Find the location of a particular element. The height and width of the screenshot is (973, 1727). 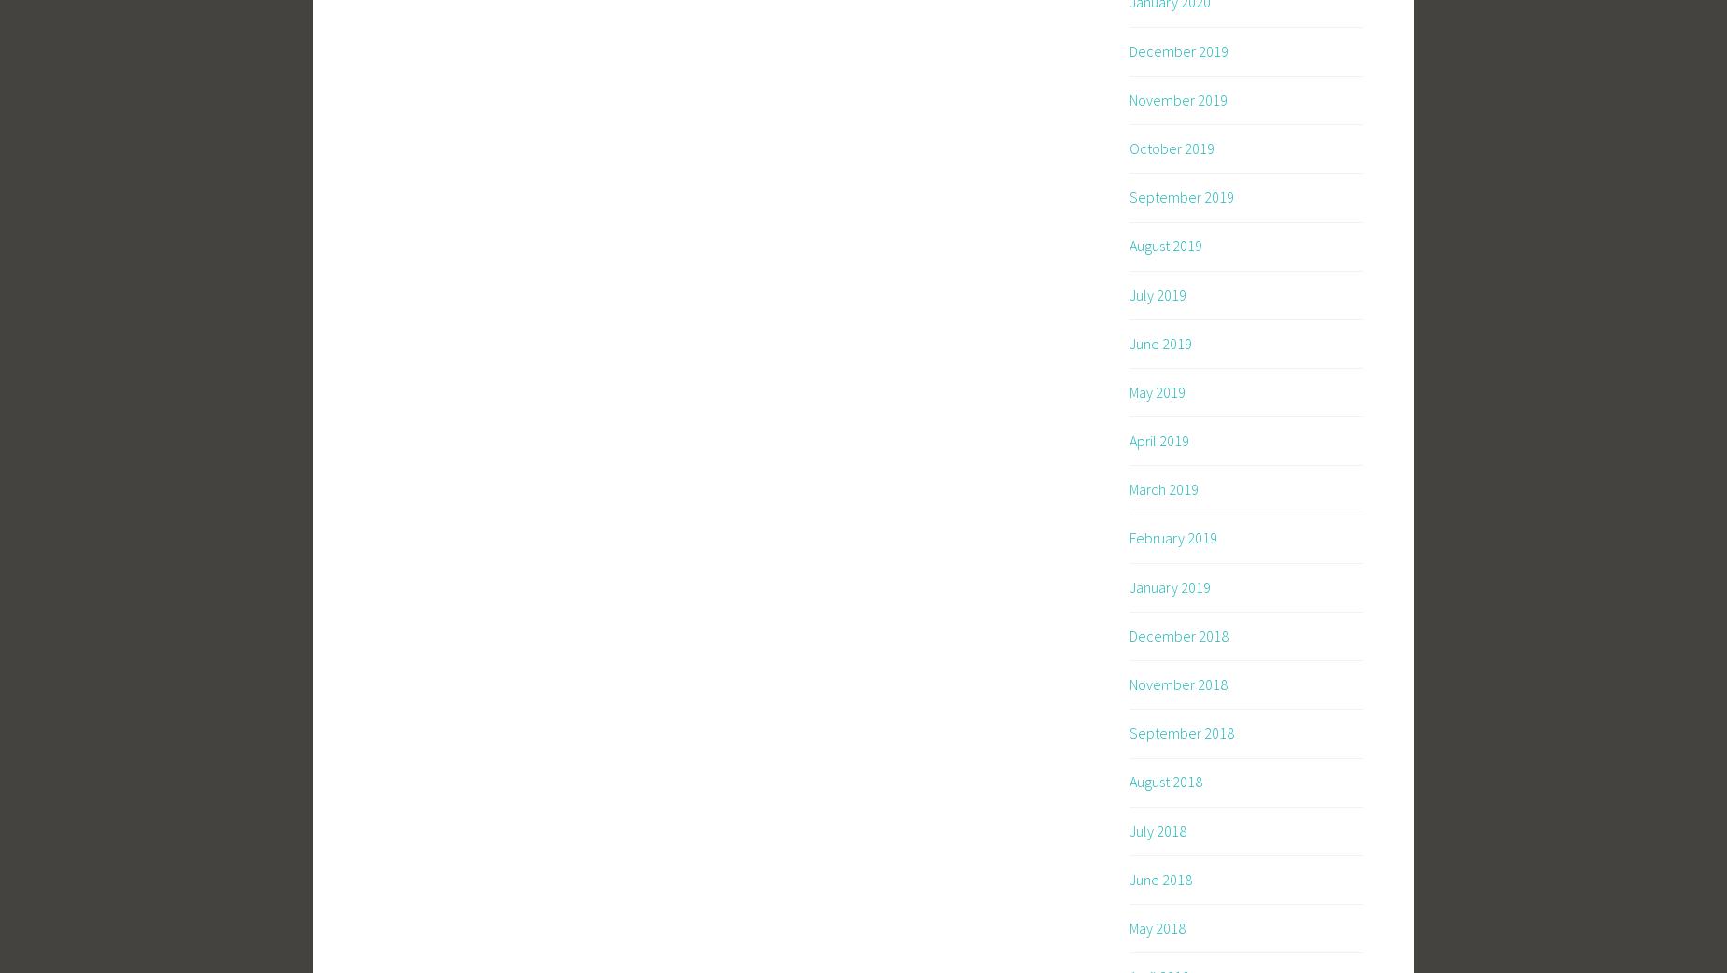

'December 2019' is located at coordinates (1177, 49).